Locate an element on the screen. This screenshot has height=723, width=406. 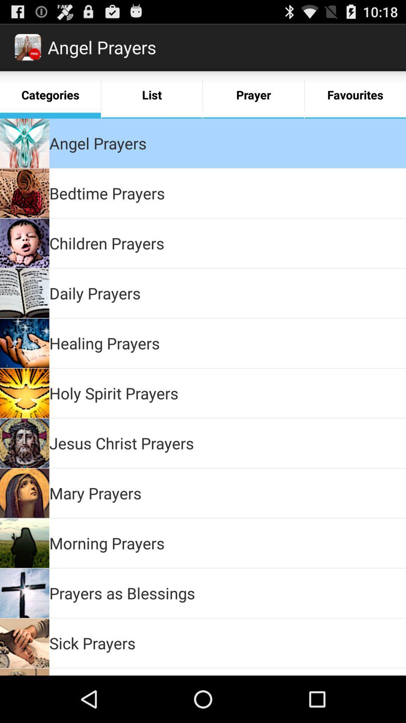
the children prayers icon is located at coordinates (107, 243).